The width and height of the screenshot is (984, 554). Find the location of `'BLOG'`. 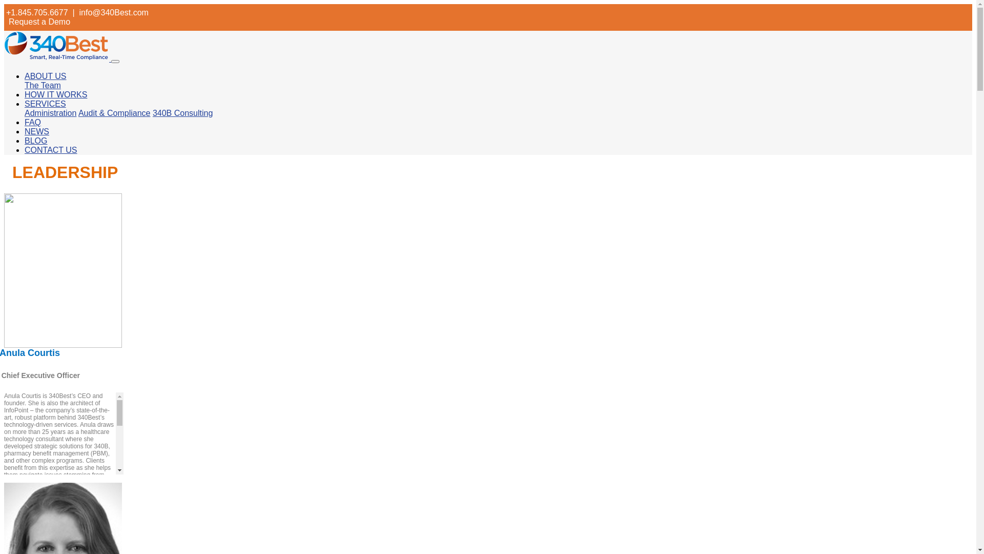

'BLOG' is located at coordinates (36, 141).